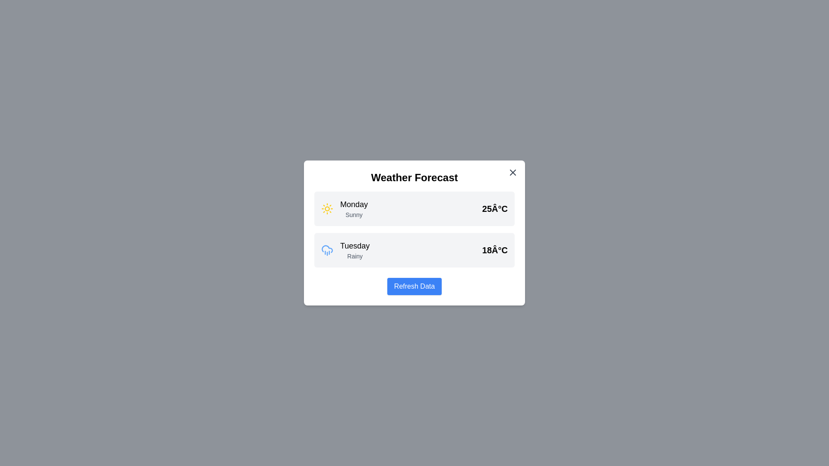 The image size is (829, 466). I want to click on the text display element that shows 'Monday' in a larger font and 'Sunny' in a smaller gray font, located at the top-left of the weather forecast dialog, so click(354, 208).